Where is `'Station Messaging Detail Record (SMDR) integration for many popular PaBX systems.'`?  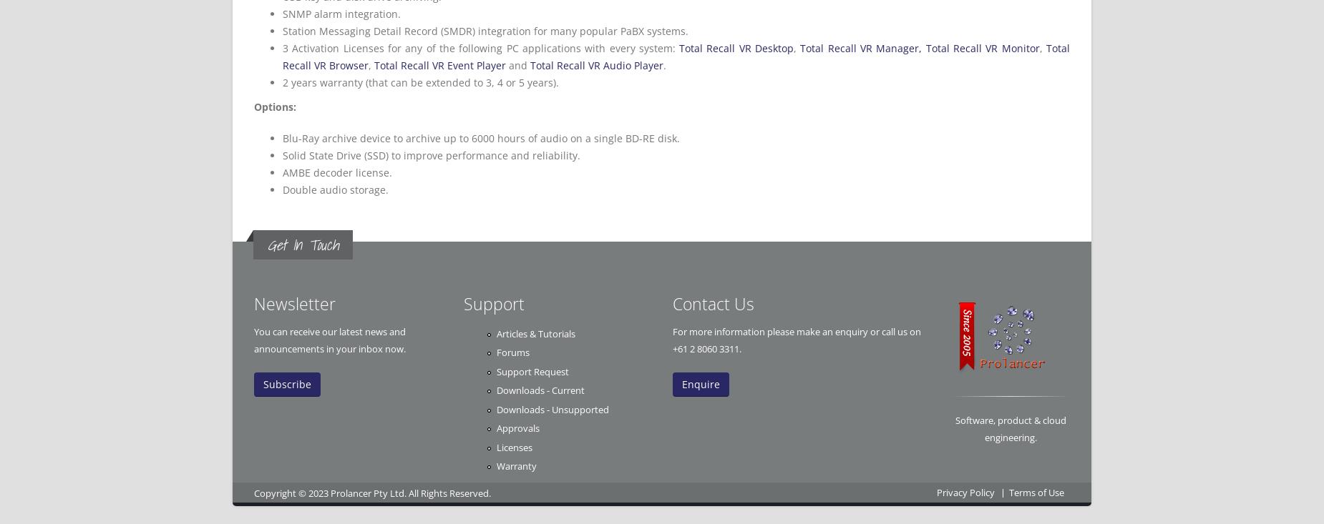
'Station Messaging Detail Record (SMDR) integration for many popular PaBX systems.' is located at coordinates (485, 30).